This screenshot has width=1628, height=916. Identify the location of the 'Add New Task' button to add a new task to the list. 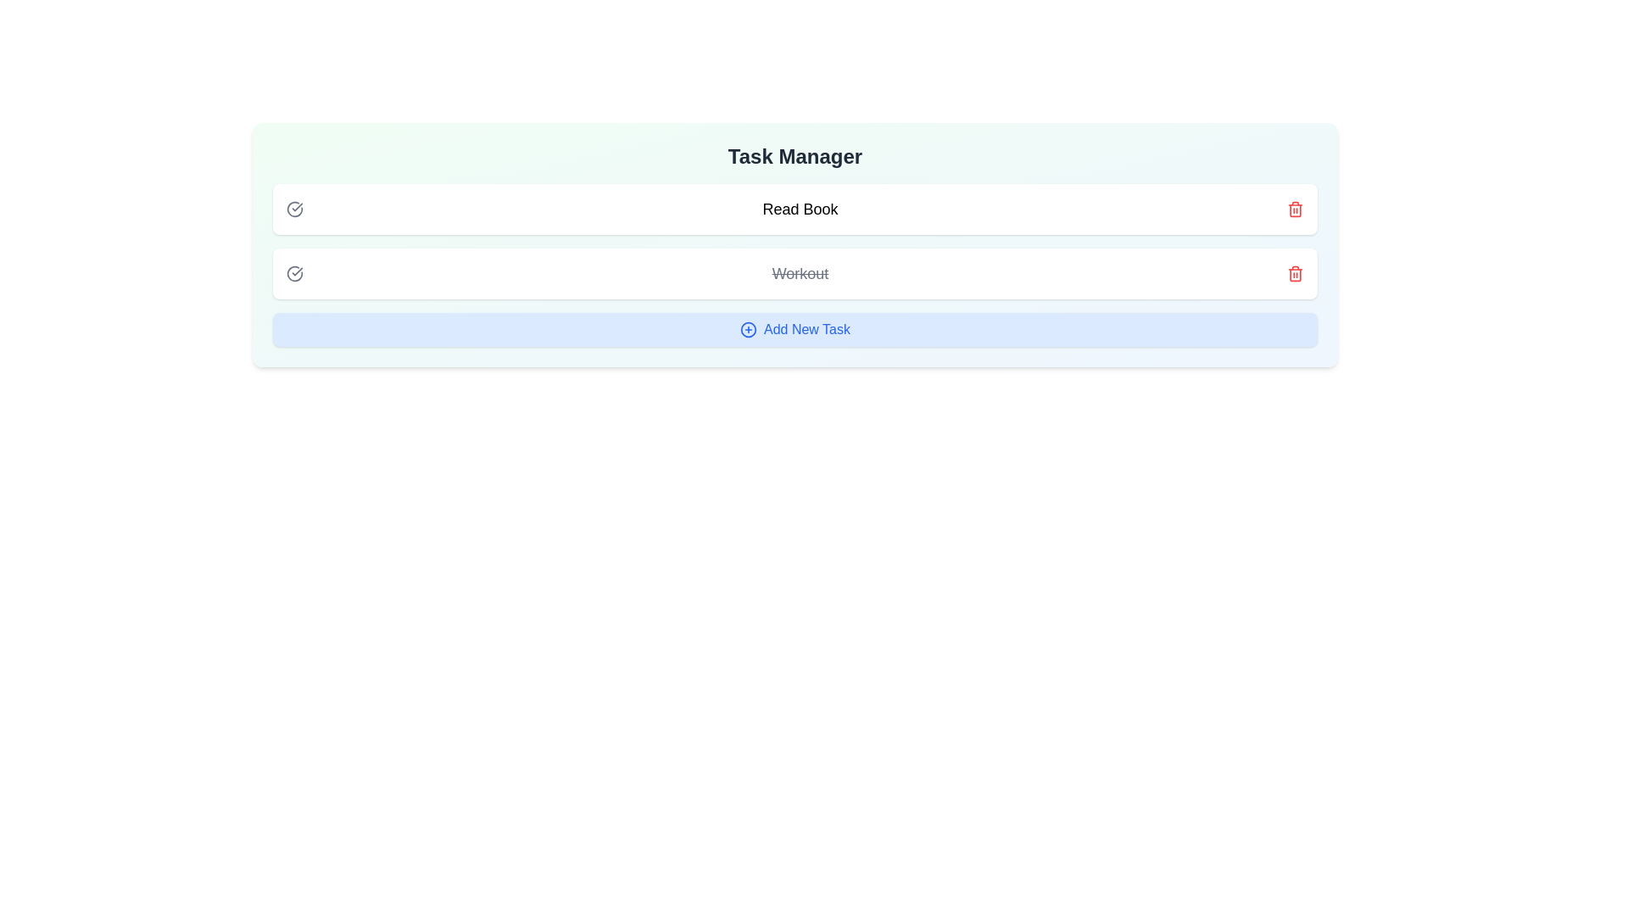
(794, 330).